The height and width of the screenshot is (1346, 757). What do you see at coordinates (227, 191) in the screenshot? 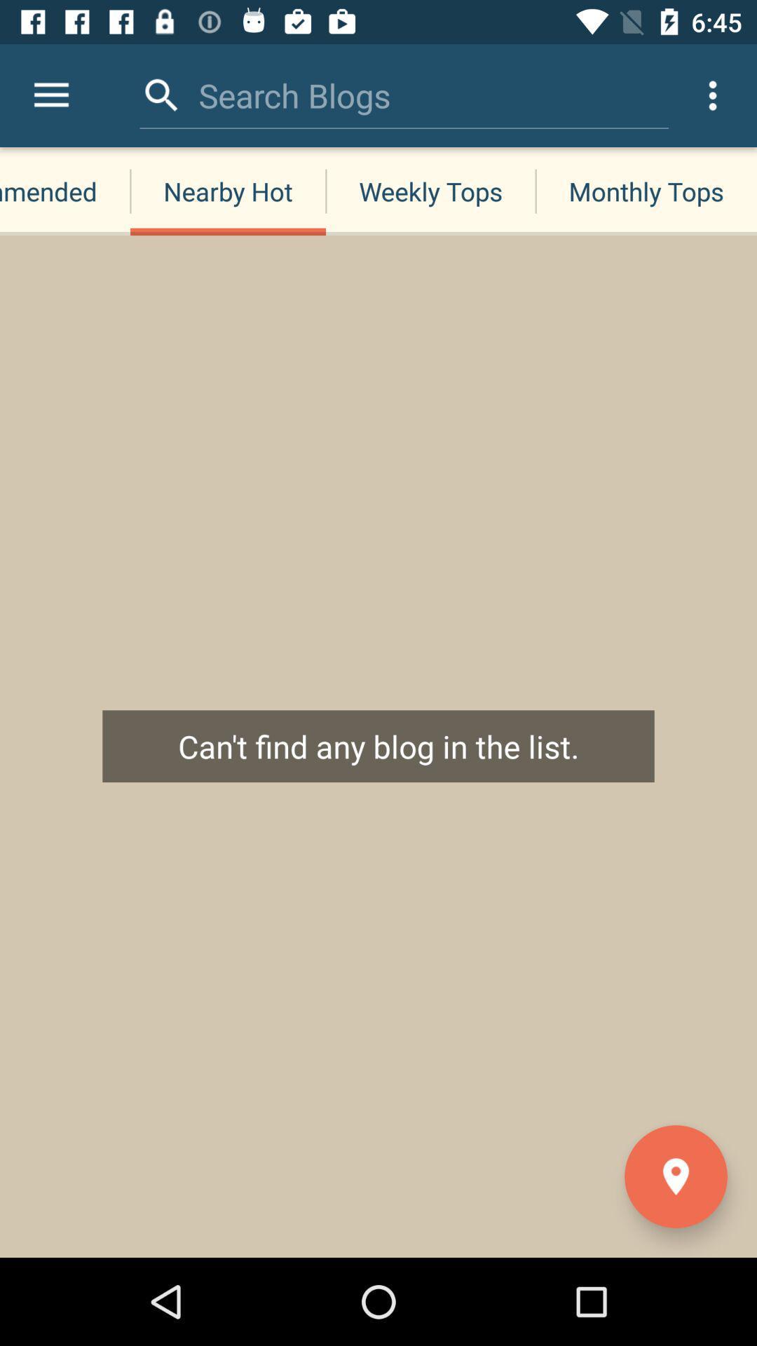
I see `icon to the left of the weekly tops` at bounding box center [227, 191].